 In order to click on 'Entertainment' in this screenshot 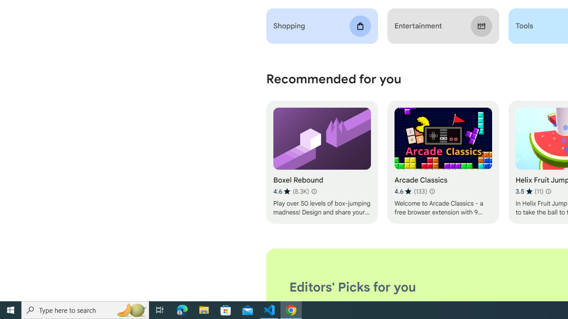, I will do `click(443, 26)`.